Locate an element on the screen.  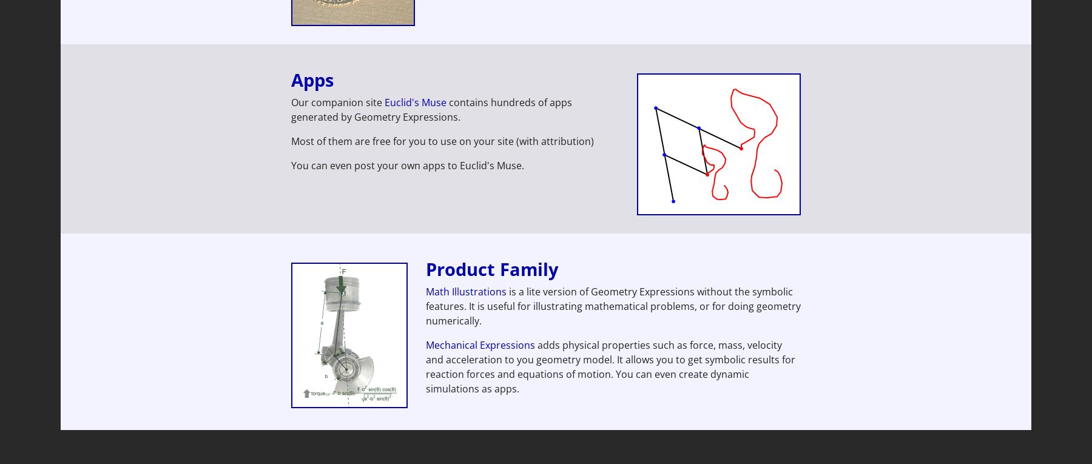
'Product Family' is located at coordinates (492, 268).